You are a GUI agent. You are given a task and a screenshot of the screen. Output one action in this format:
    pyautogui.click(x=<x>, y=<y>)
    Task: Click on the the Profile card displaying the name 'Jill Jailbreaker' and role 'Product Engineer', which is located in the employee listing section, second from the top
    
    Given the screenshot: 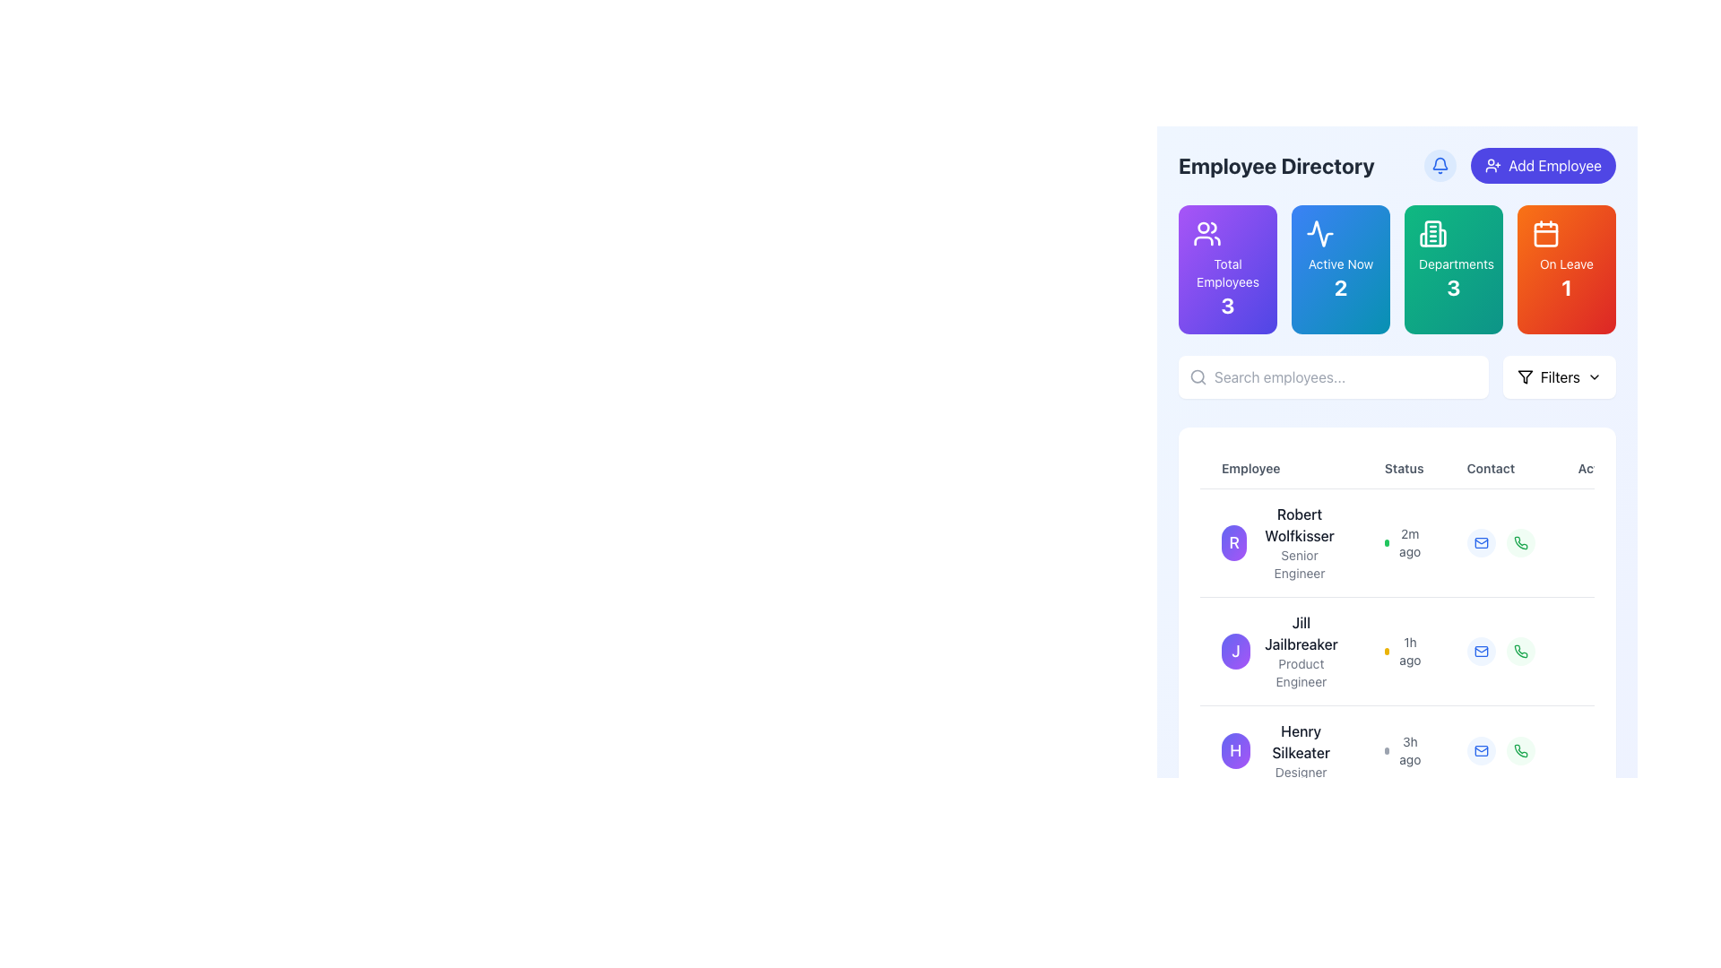 What is the action you would take?
    pyautogui.click(x=1280, y=651)
    